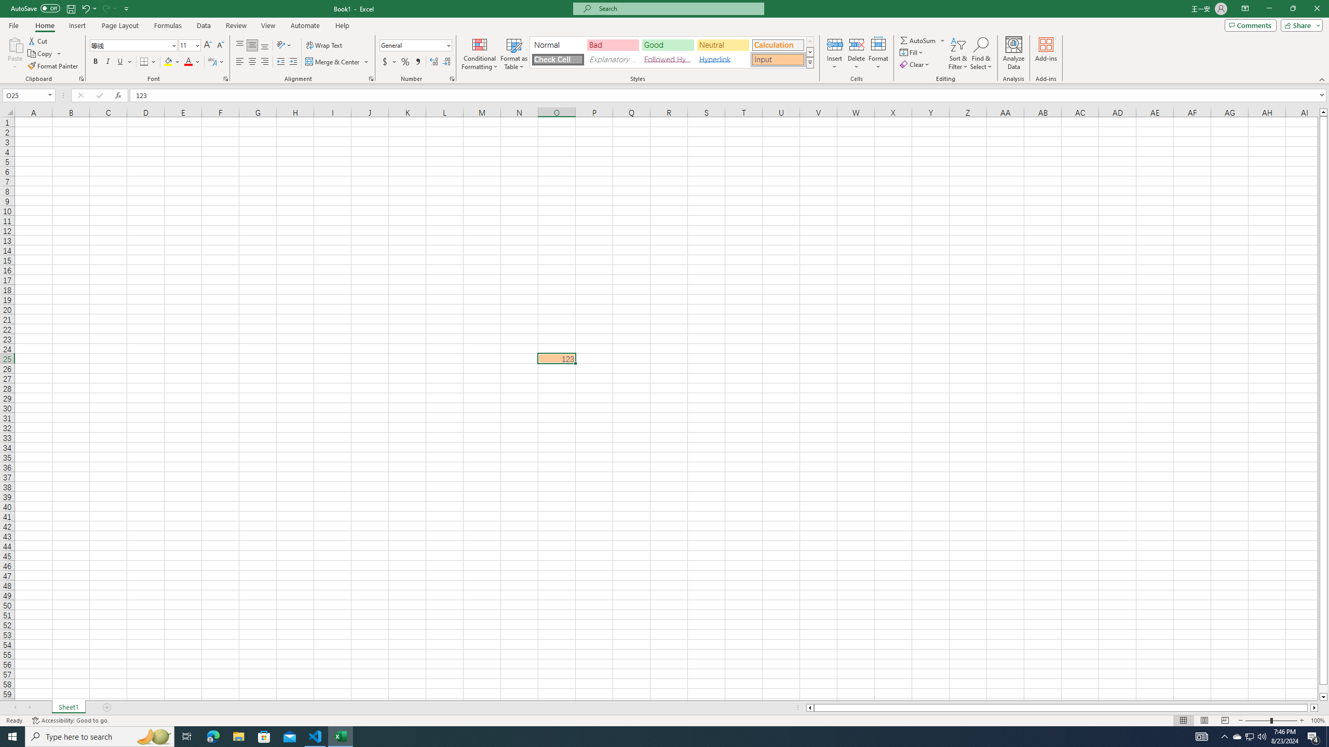 Image resolution: width=1329 pixels, height=747 pixels. I want to click on 'Calculation', so click(777, 45).